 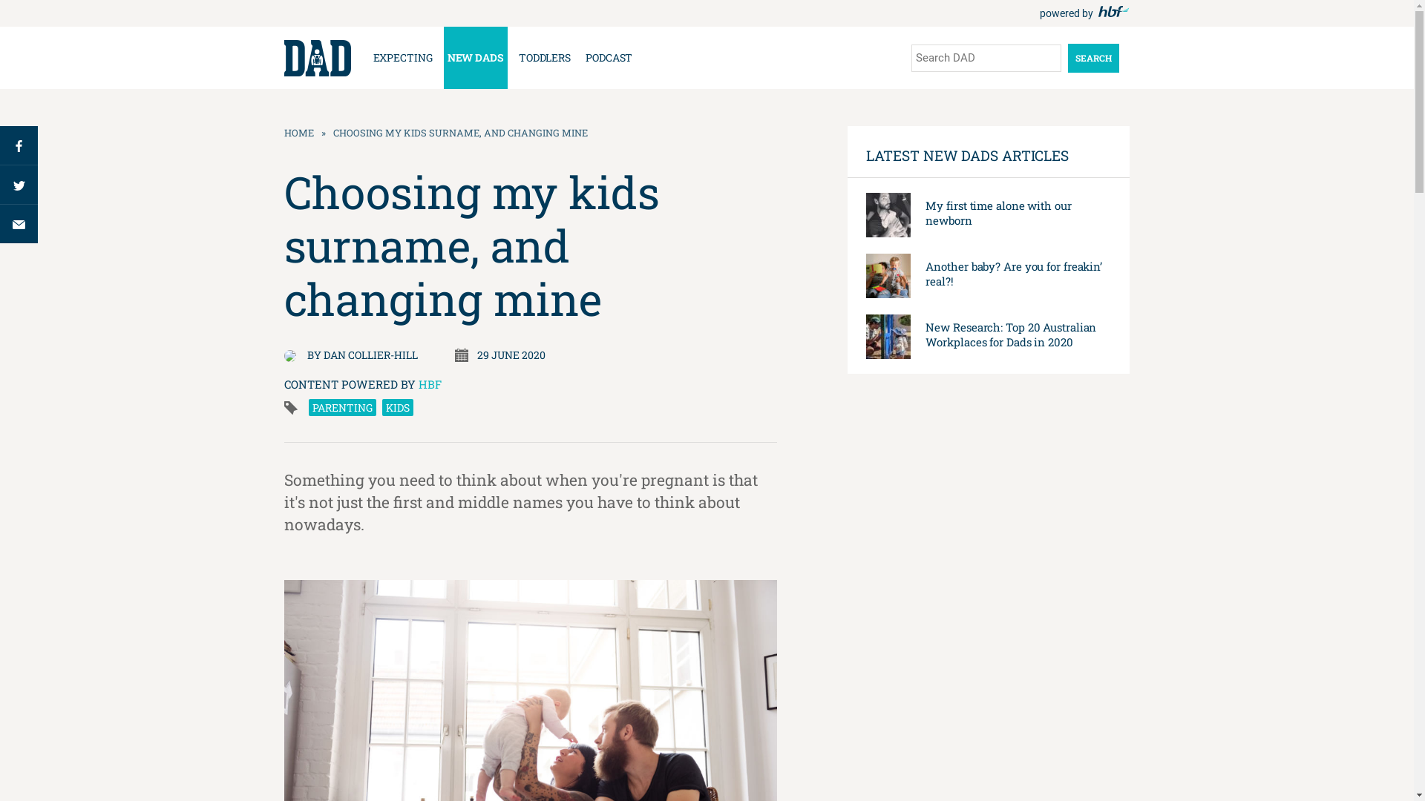 I want to click on 'SEARCH', so click(x=1067, y=56).